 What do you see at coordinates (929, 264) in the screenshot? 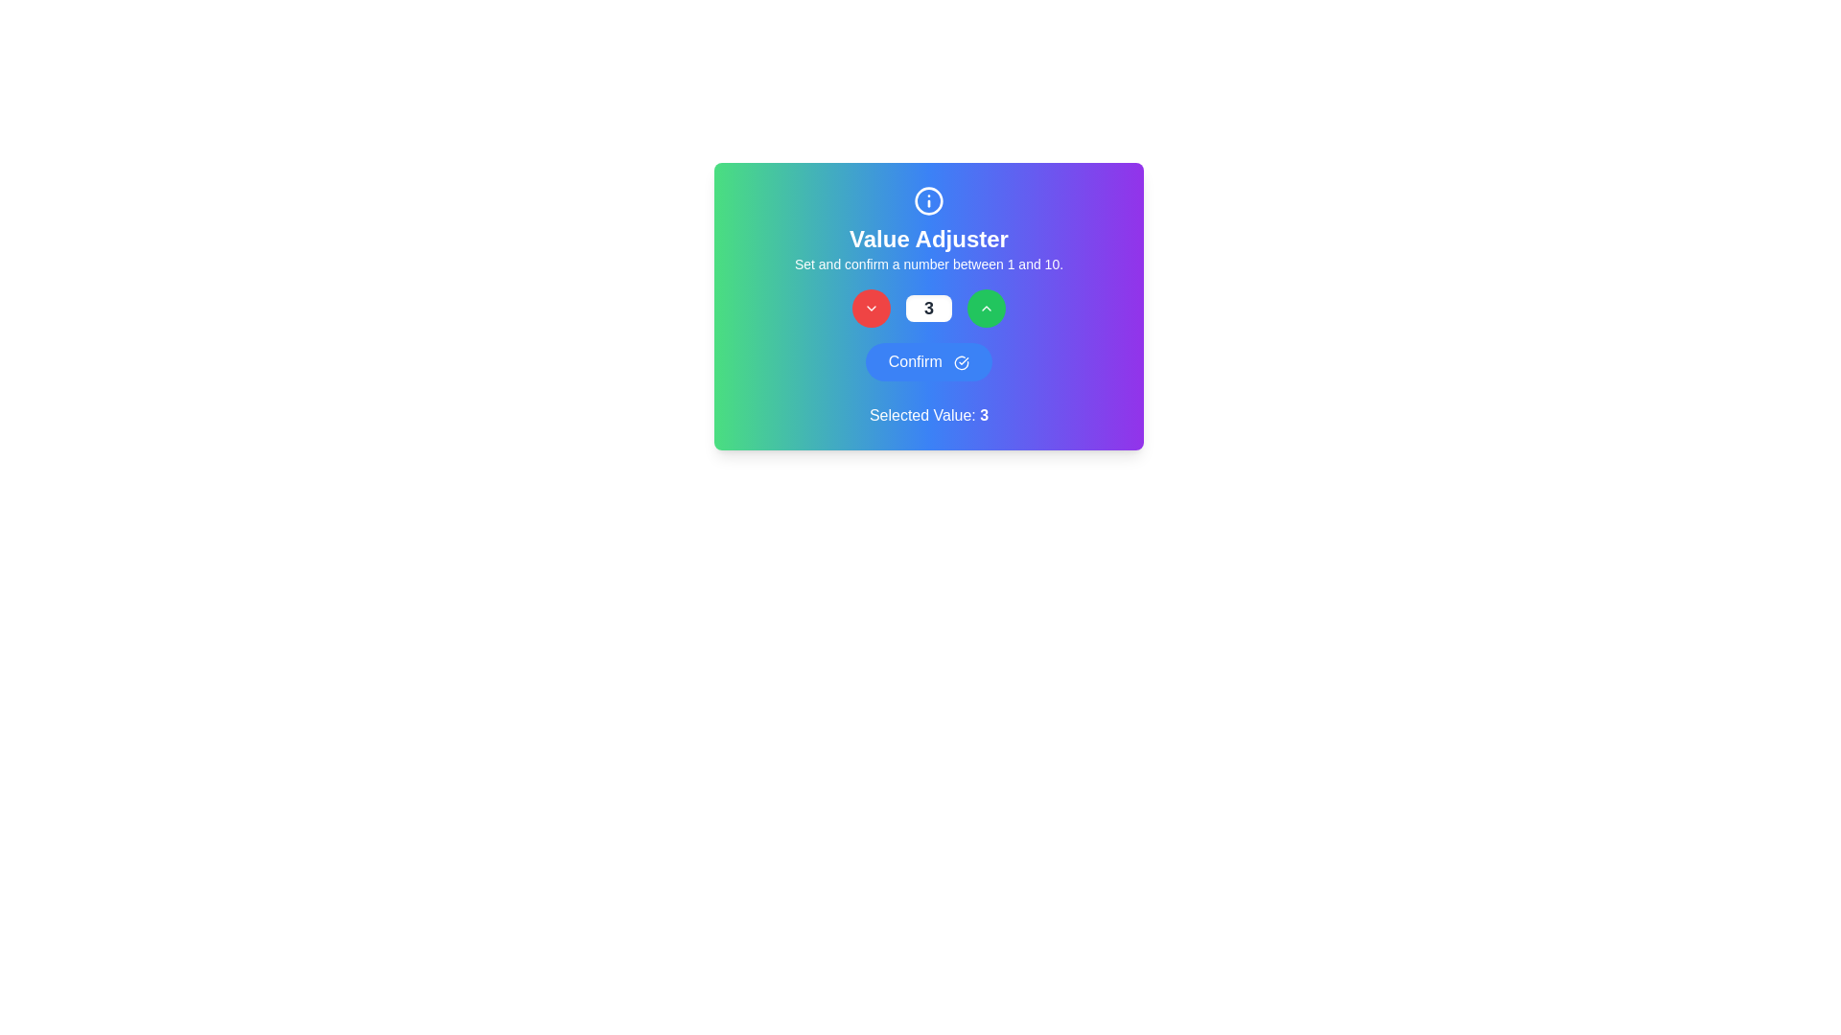
I see `the instructional text label that provides guidance for the number adjustment component, located beneath the 'Value Adjuster' heading` at bounding box center [929, 264].